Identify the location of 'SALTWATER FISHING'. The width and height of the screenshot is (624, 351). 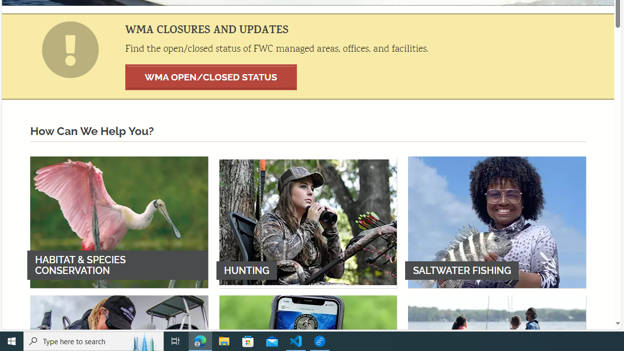
(497, 222).